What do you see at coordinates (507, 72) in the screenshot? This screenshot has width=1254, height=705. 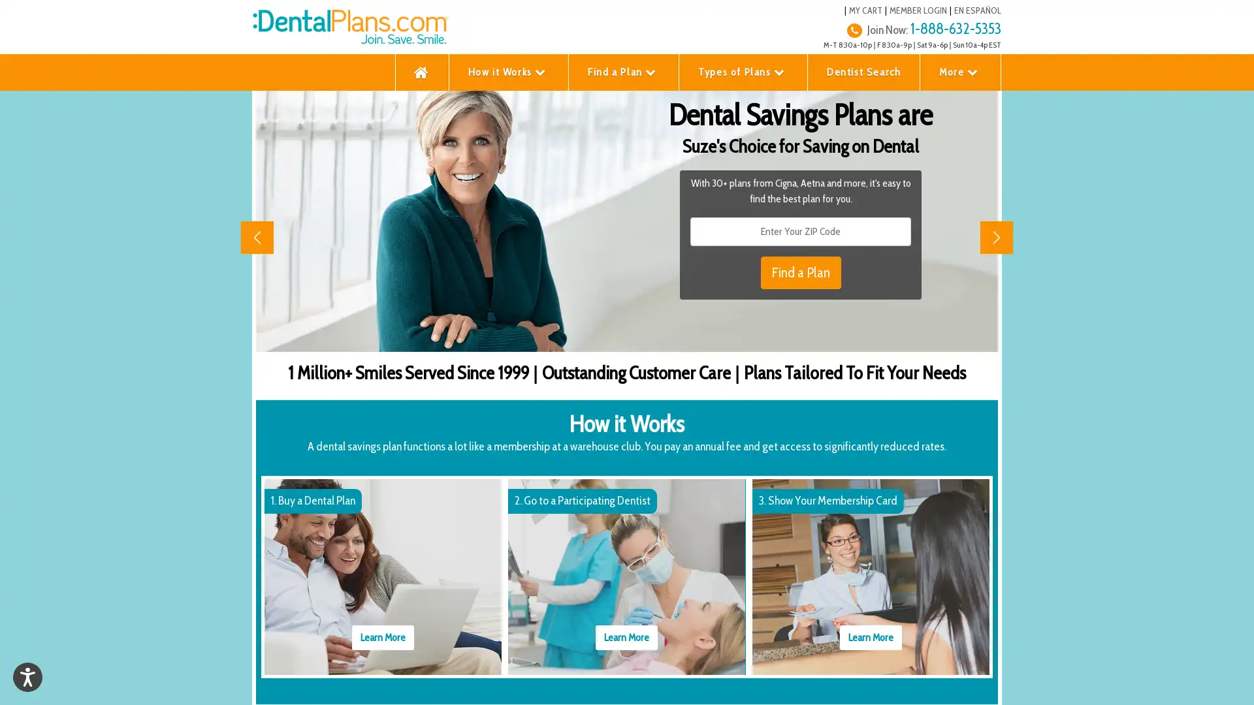 I see `How it Works` at bounding box center [507, 72].